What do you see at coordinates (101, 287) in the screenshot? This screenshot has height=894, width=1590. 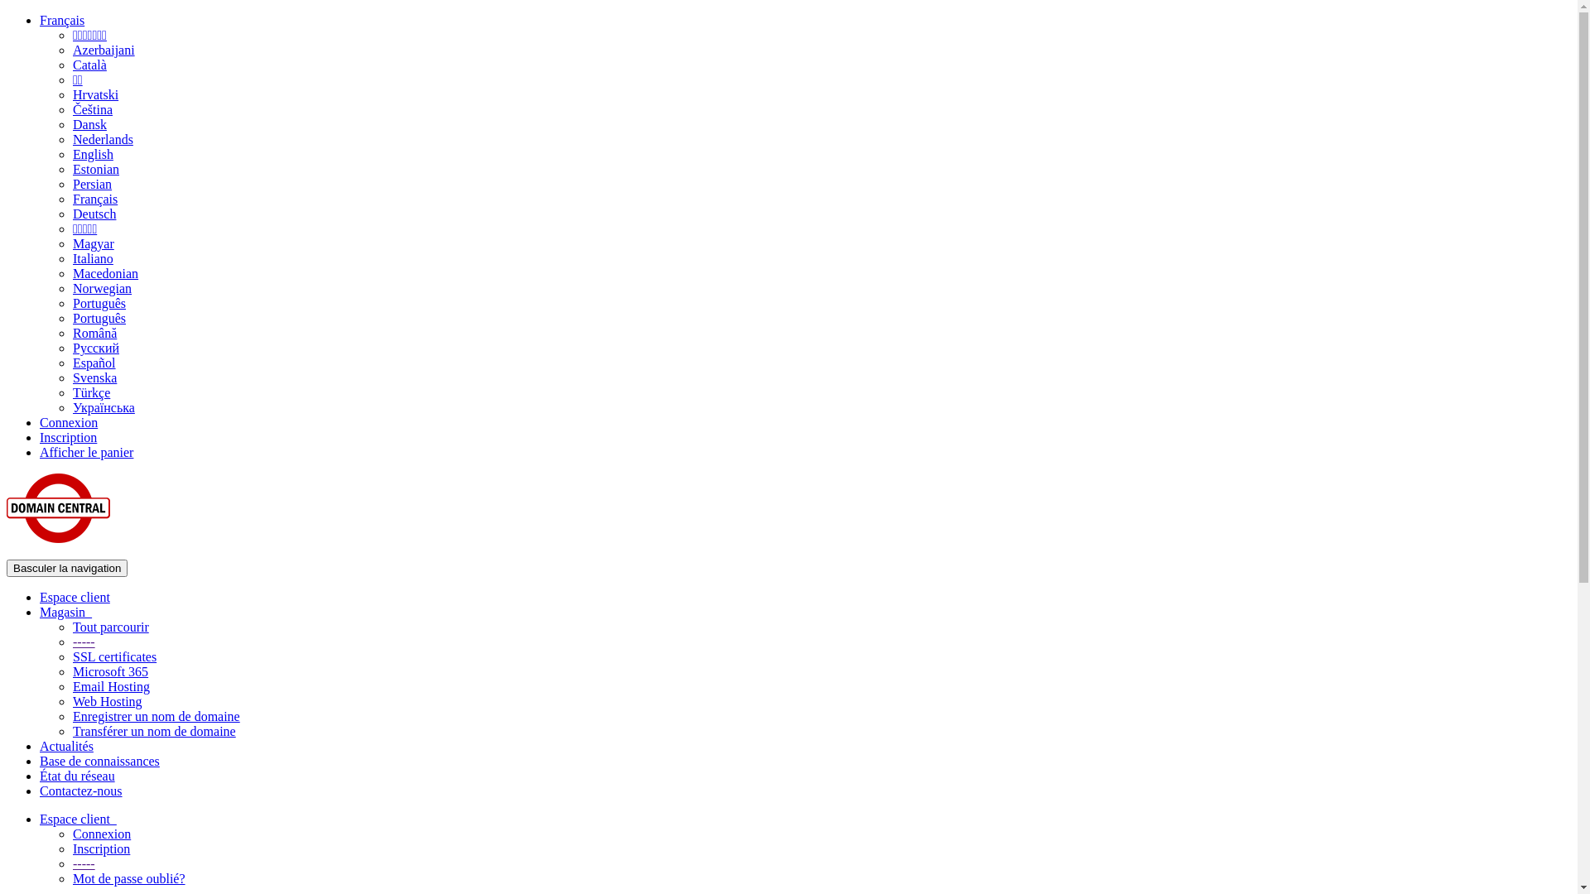 I see `'Norwegian'` at bounding box center [101, 287].